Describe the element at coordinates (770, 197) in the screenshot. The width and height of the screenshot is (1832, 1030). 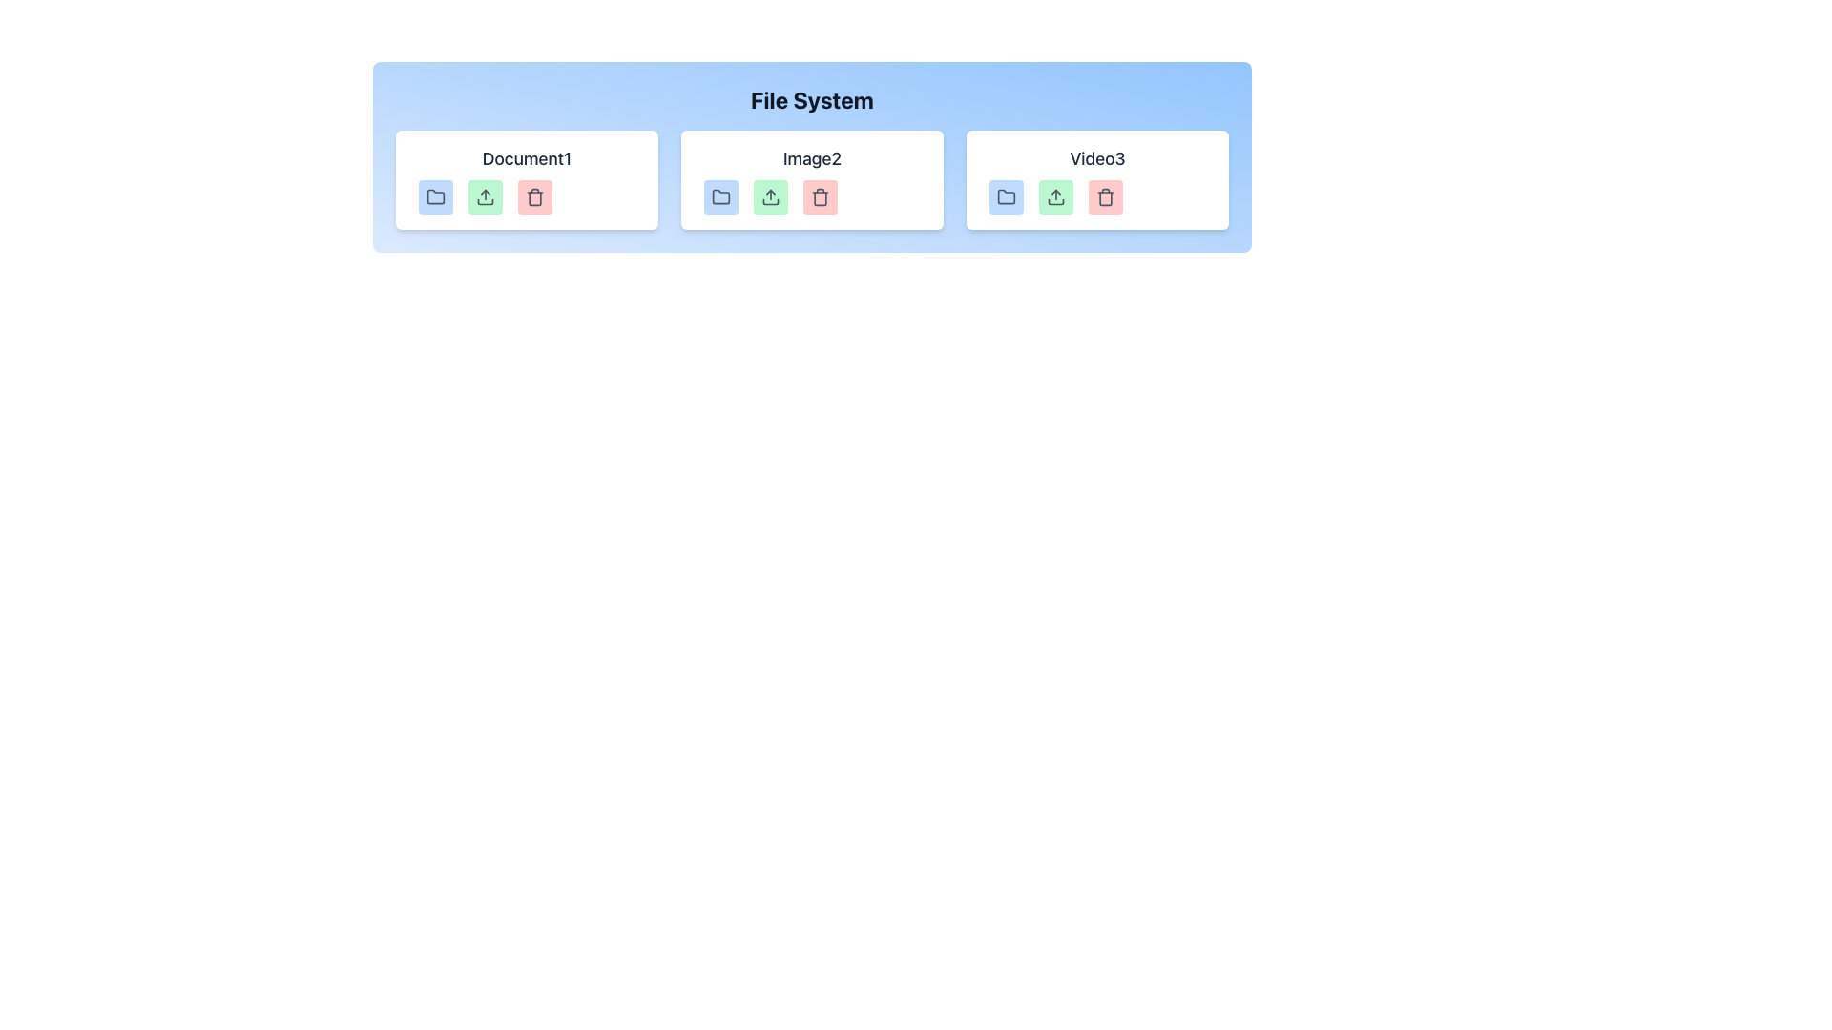
I see `the upload icon located centrally in the 'Image2' section to initiate an upload action` at that location.